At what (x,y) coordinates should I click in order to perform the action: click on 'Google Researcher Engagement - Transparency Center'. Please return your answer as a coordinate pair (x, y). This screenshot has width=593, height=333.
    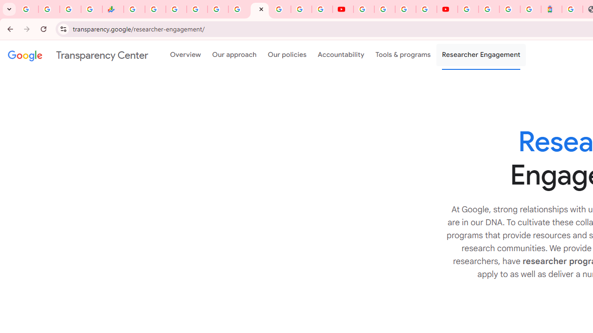
    Looking at the image, I should click on (259, 9).